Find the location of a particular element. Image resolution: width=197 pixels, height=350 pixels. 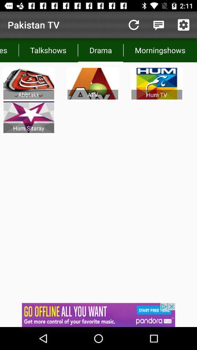

open menu is located at coordinates (158, 25).